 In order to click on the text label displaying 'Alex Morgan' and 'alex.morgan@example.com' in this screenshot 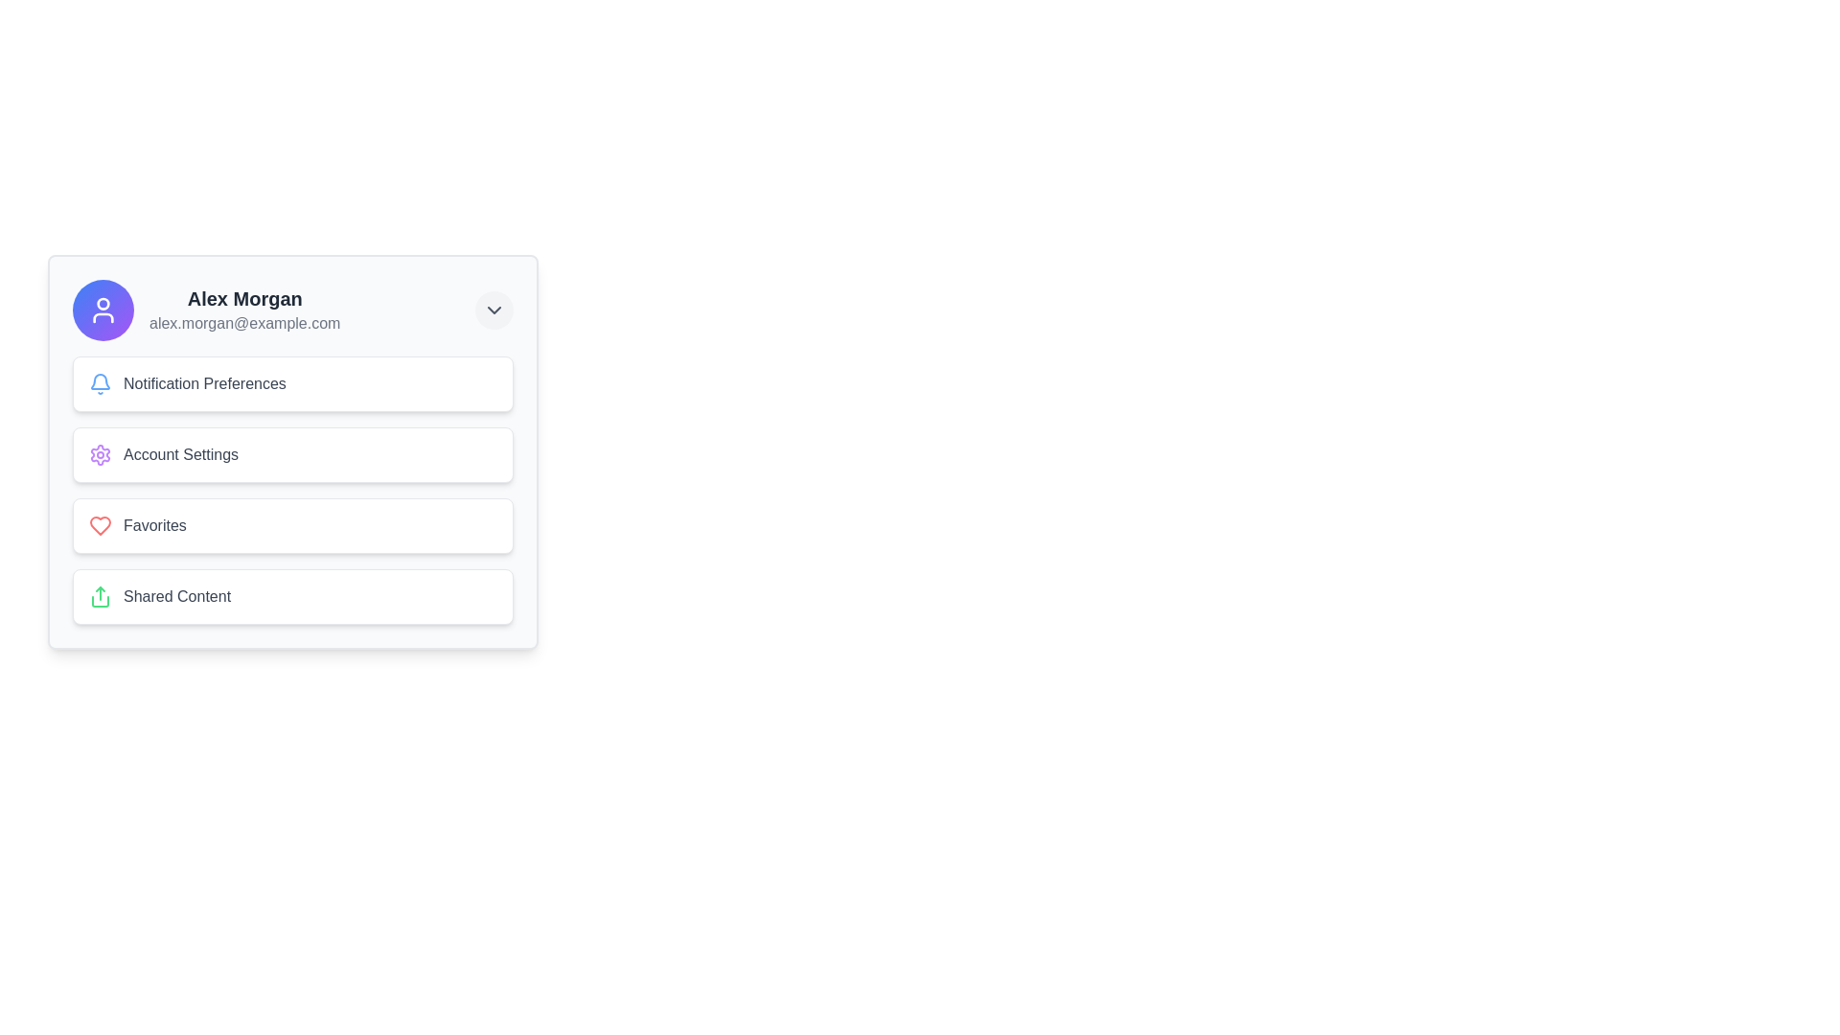, I will do `click(243, 310)`.